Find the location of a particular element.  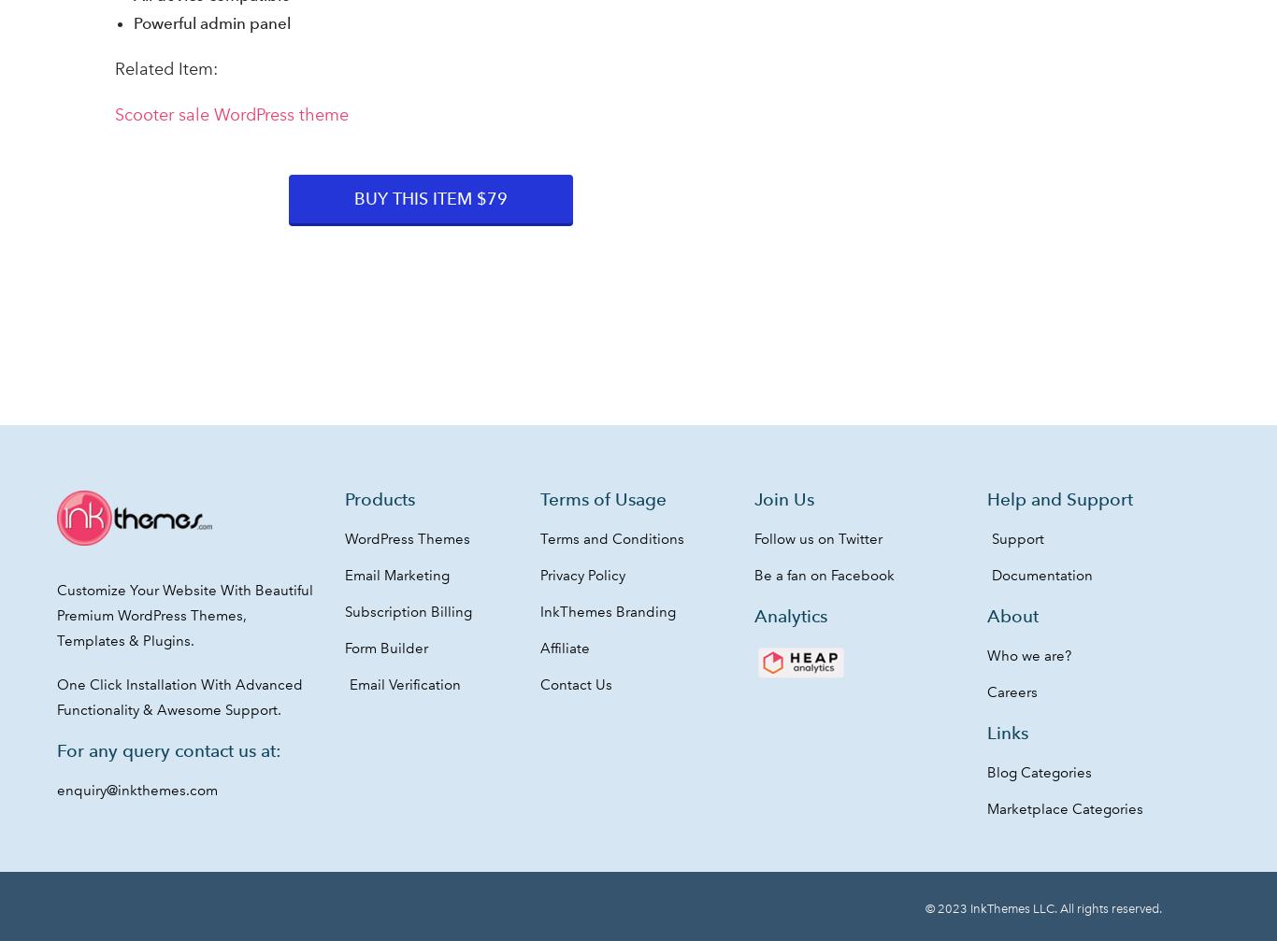

'Related Item:' is located at coordinates (165, 68).